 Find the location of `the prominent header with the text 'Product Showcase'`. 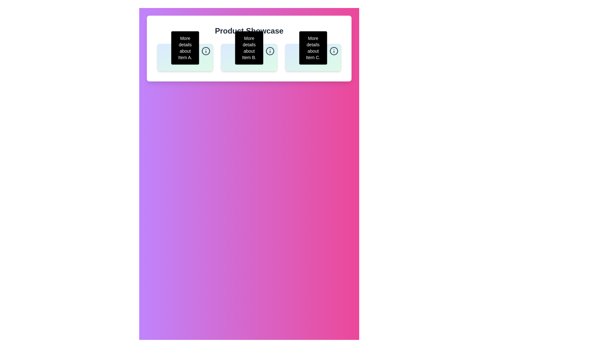

the prominent header with the text 'Product Showcase' is located at coordinates (249, 31).